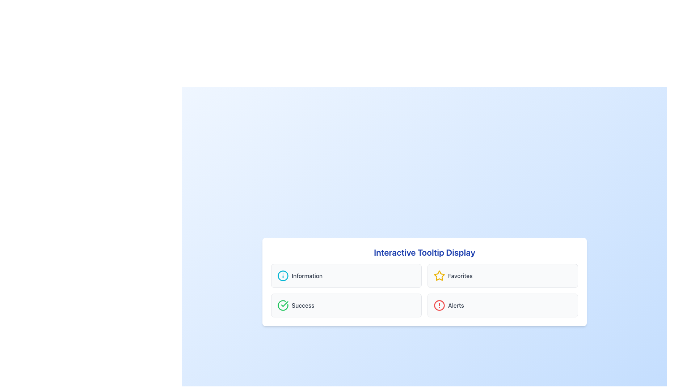 The width and height of the screenshot is (695, 390). What do you see at coordinates (460, 276) in the screenshot?
I see `text associated with the label located directly to the right of the star icon in the second row of the grid layout` at bounding box center [460, 276].